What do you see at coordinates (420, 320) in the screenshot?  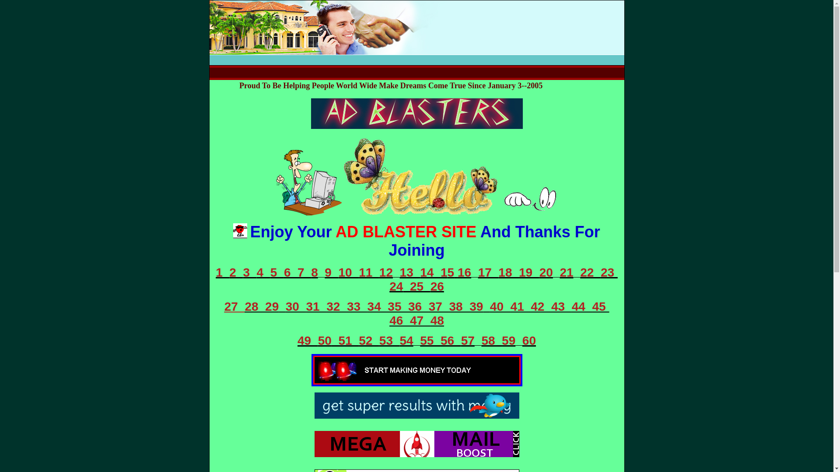 I see `'47 '` at bounding box center [420, 320].